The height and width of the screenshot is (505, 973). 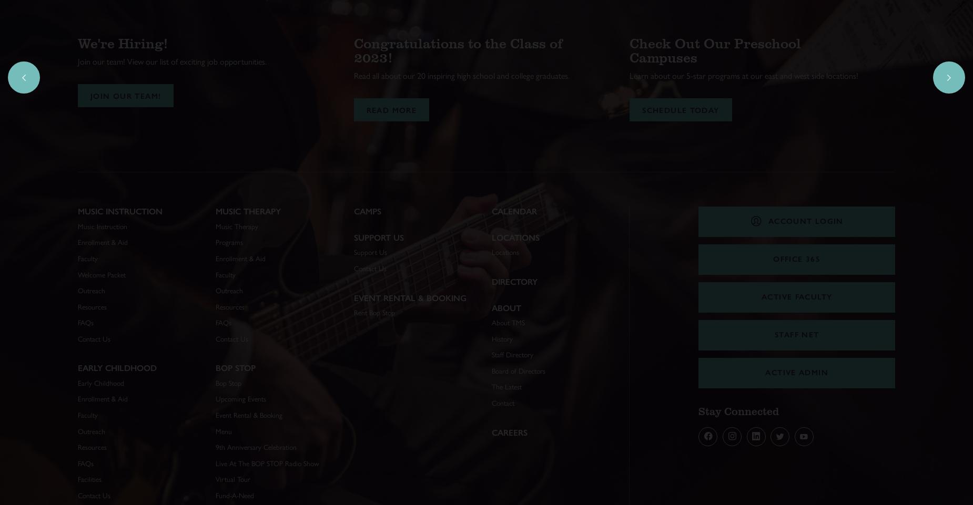 I want to click on 'Virtual Tour', so click(x=215, y=479).